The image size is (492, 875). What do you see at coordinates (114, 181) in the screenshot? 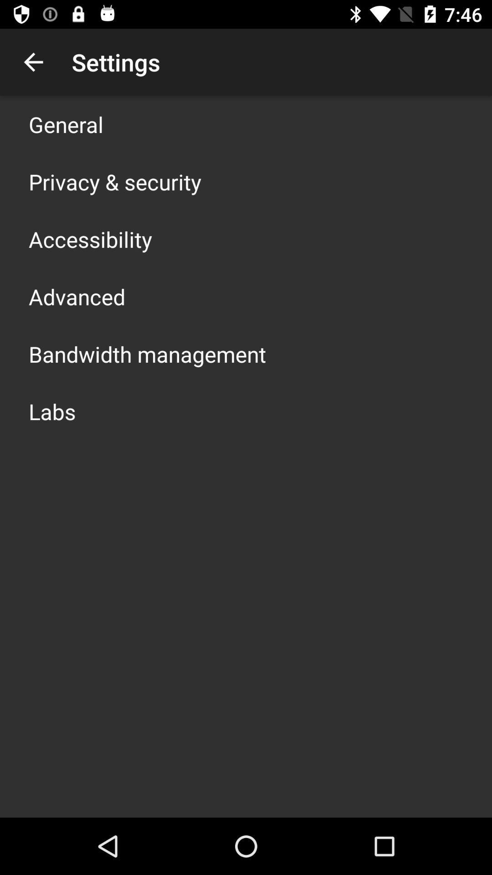
I see `the privacy & security item` at bounding box center [114, 181].